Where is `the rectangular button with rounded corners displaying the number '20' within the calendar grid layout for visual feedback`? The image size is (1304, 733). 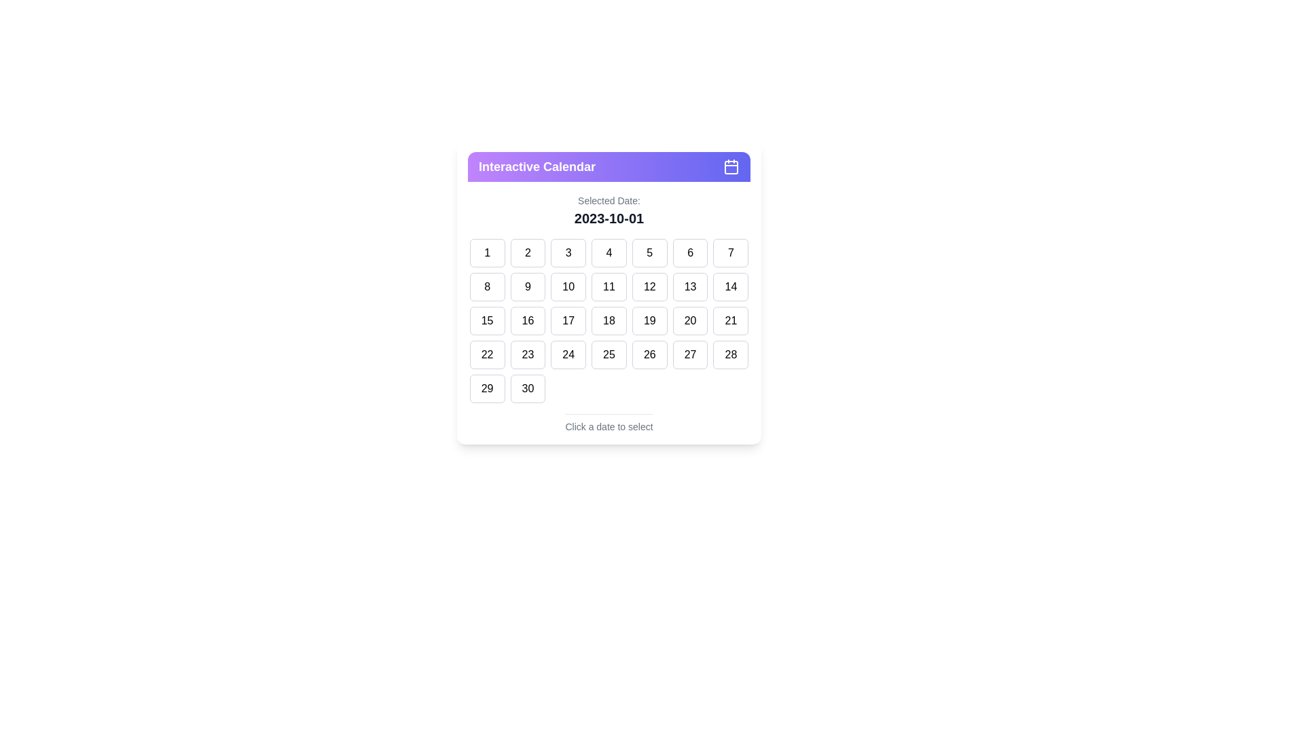
the rectangular button with rounded corners displaying the number '20' within the calendar grid layout for visual feedback is located at coordinates (690, 321).